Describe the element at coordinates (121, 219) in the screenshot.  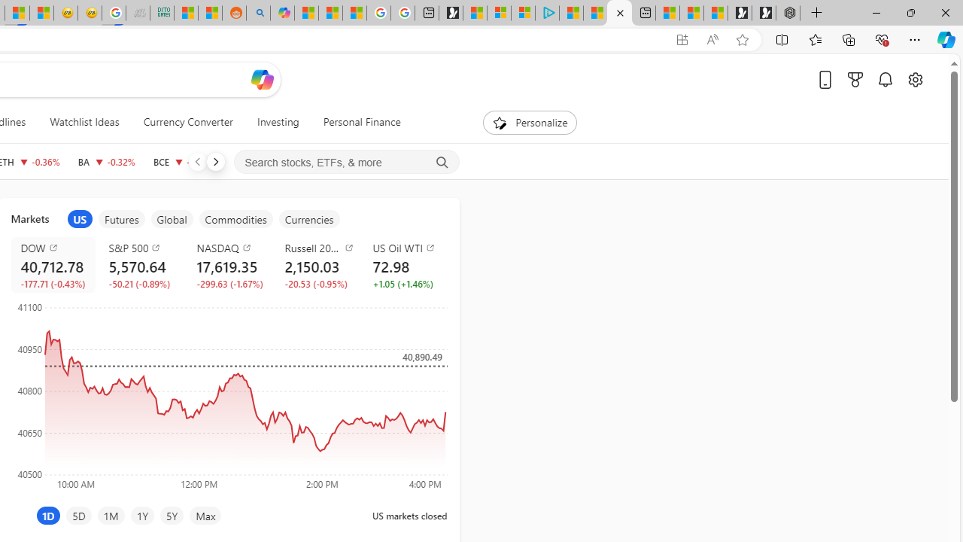
I see `'item2'` at that location.